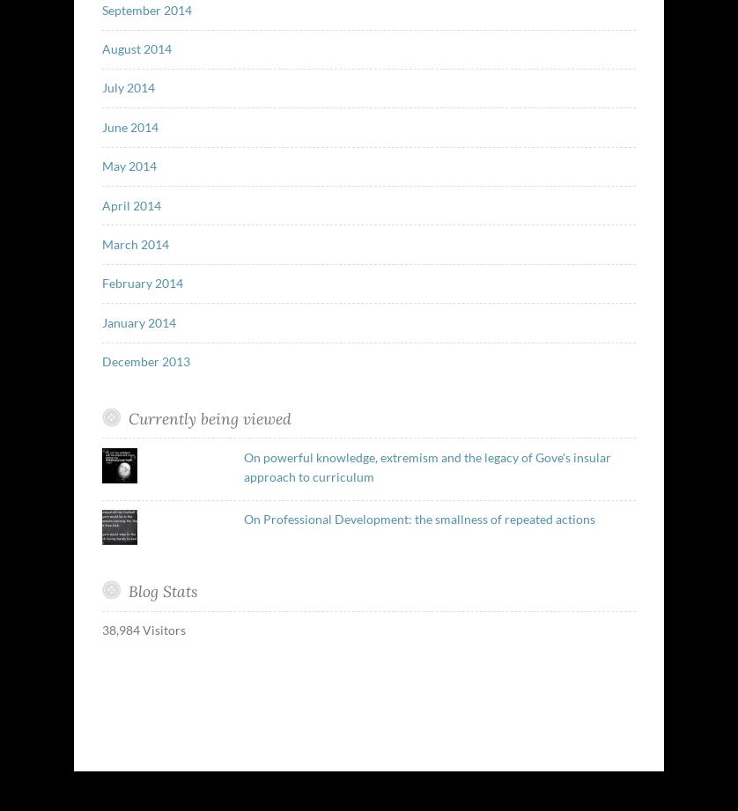 This screenshot has width=738, height=811. I want to click on 'December 2013', so click(100, 361).